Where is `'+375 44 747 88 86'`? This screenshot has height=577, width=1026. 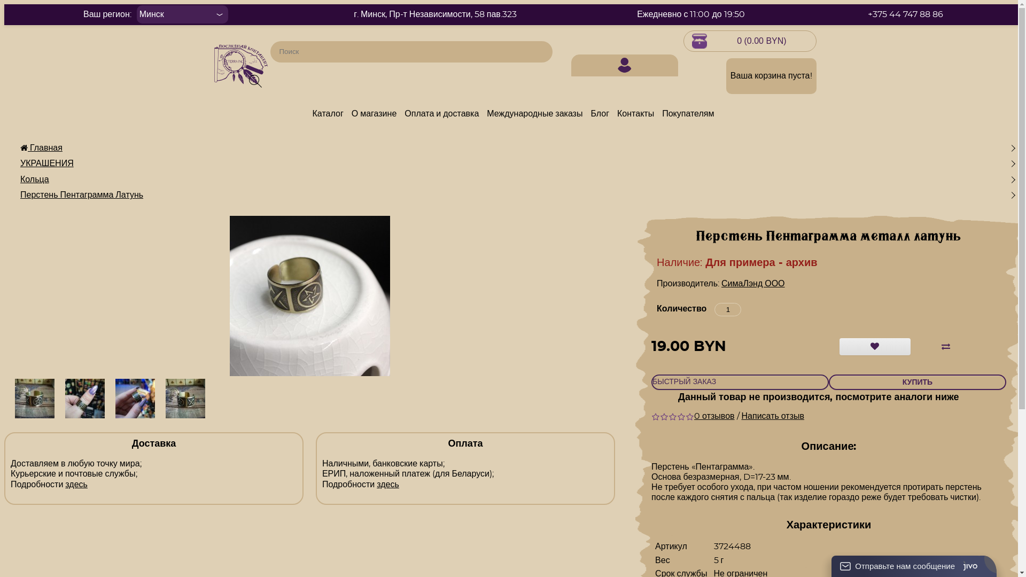 '+375 44 747 88 86' is located at coordinates (905, 14).